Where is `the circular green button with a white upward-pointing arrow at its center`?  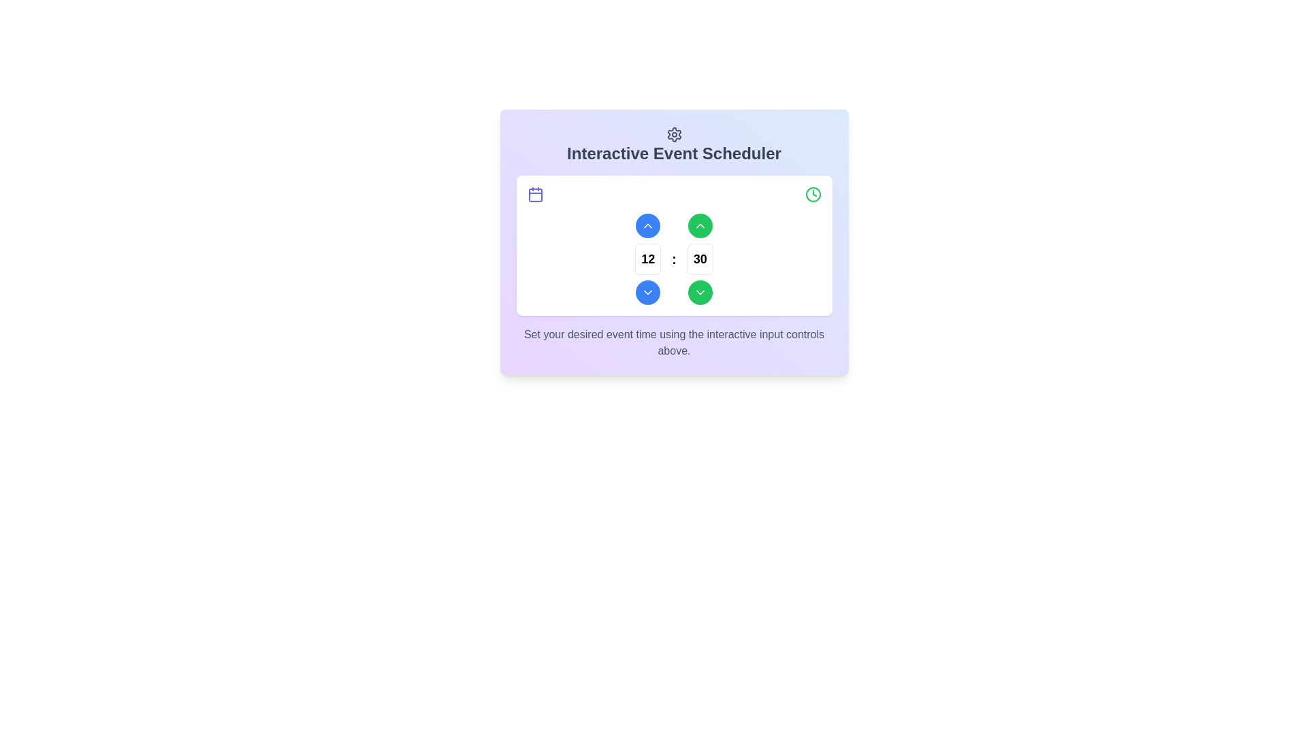
the circular green button with a white upward-pointing arrow at its center is located at coordinates (700, 225).